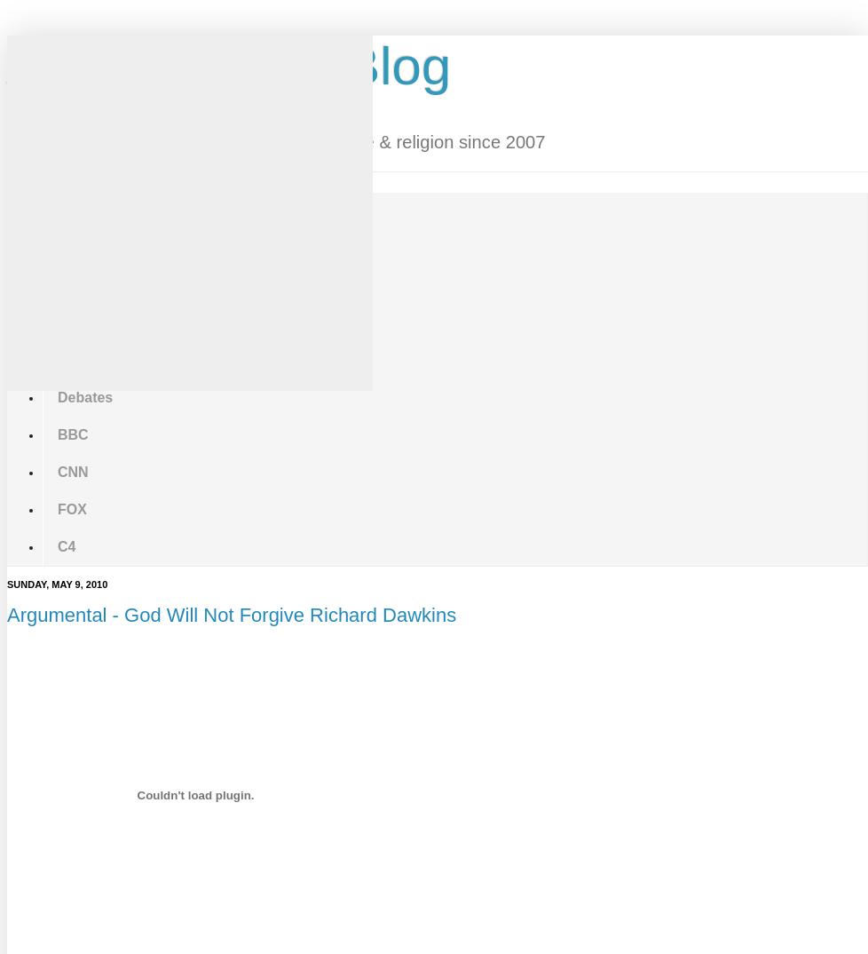 Image resolution: width=868 pixels, height=954 pixels. I want to click on 'Humor', so click(58, 284).